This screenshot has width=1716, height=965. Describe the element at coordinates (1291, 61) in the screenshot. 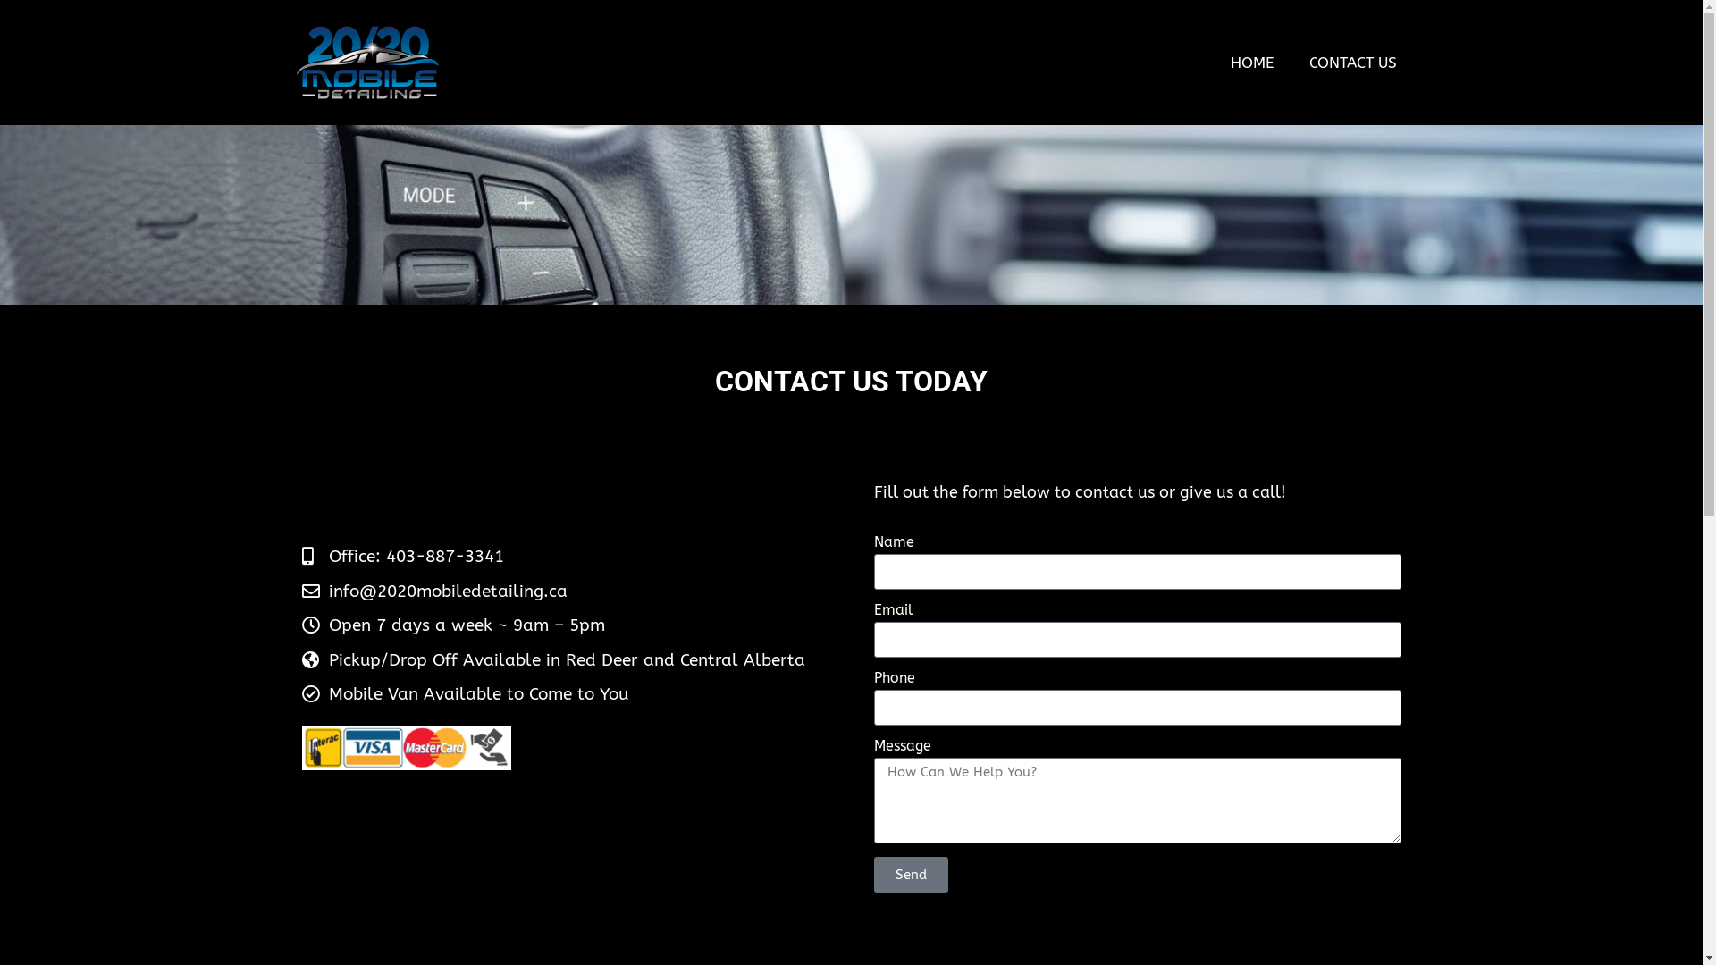

I see `'CONTACT US'` at that location.